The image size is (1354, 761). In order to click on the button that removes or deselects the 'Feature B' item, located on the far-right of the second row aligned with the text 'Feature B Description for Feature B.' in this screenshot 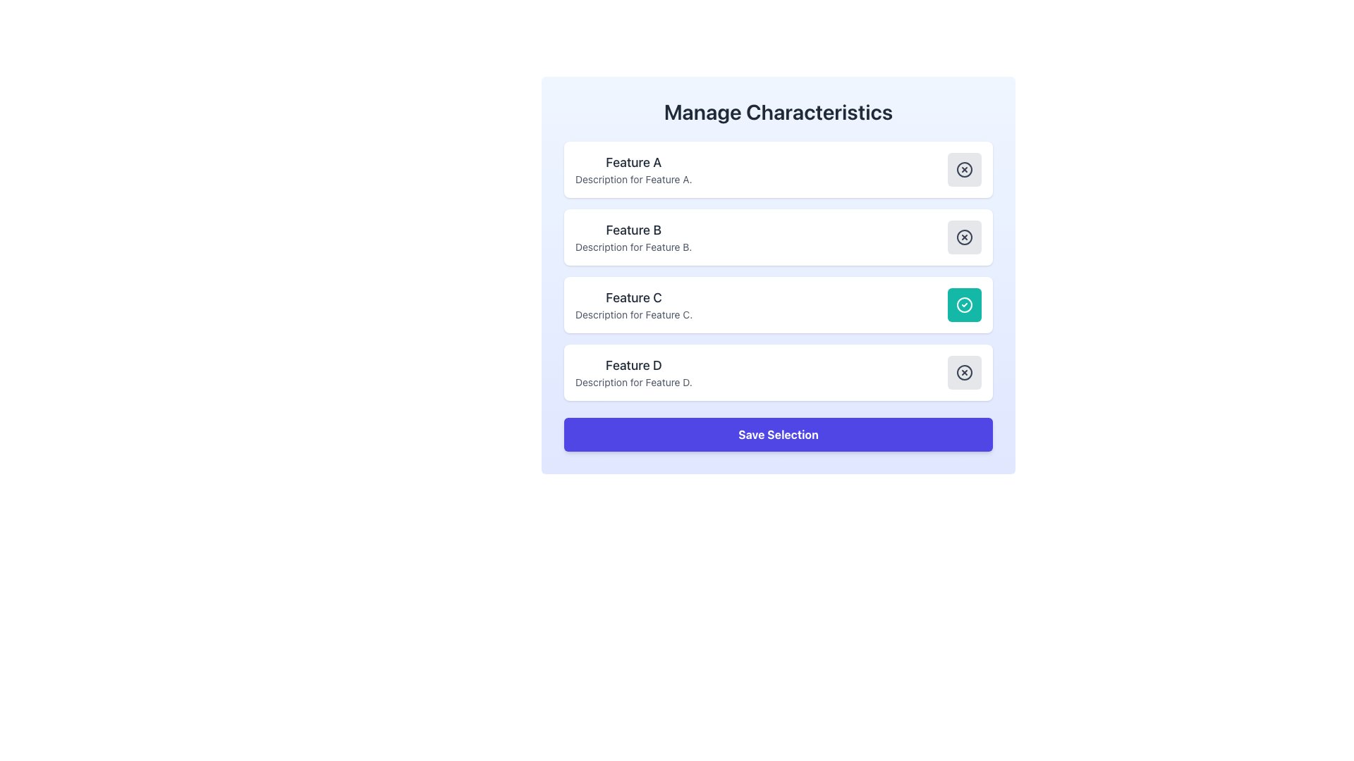, I will do `click(964, 236)`.